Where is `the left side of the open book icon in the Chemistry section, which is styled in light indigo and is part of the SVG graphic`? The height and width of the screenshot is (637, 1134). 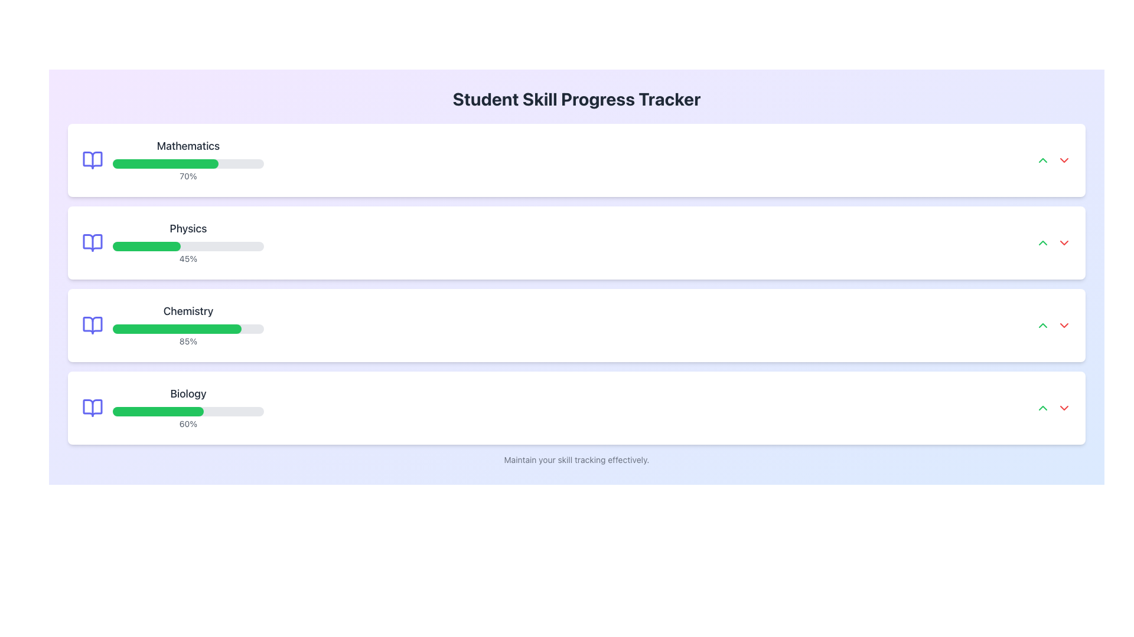 the left side of the open book icon in the Chemistry section, which is styled in light indigo and is part of the SVG graphic is located at coordinates (92, 325).